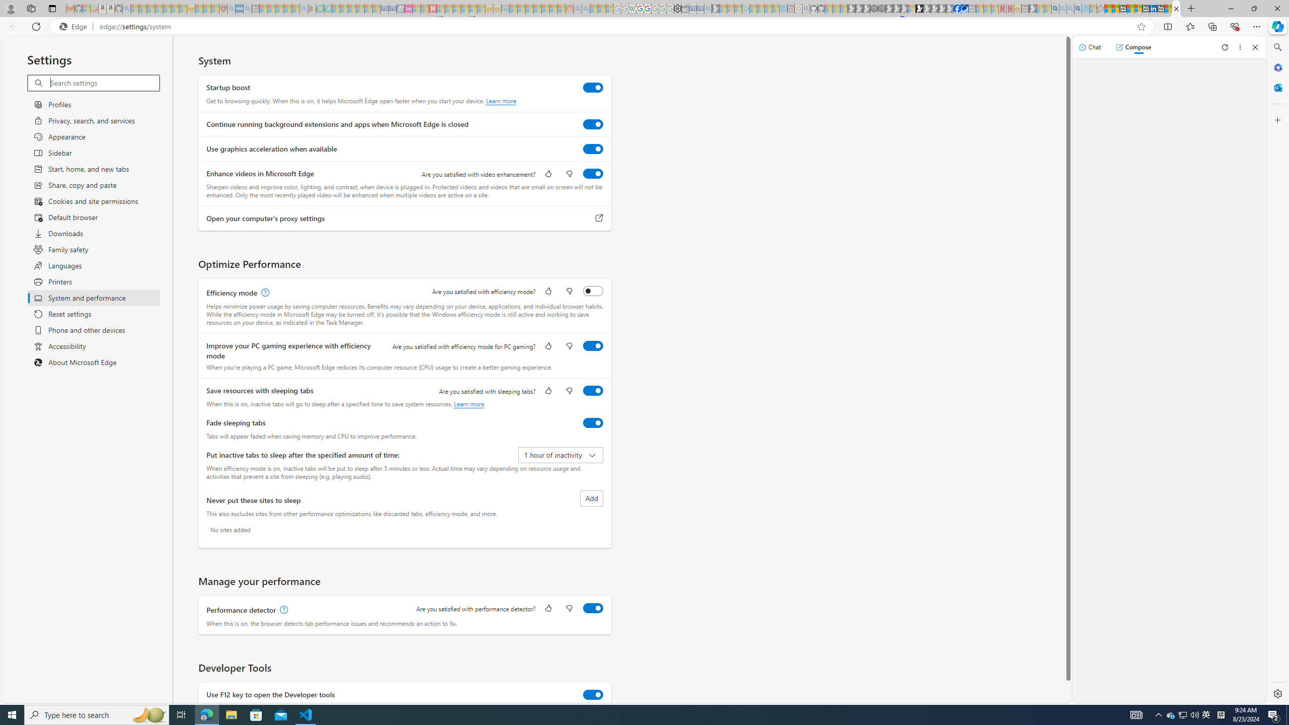 Image resolution: width=1289 pixels, height=725 pixels. What do you see at coordinates (263, 293) in the screenshot?
I see `'Efficiency mode, learn more'` at bounding box center [263, 293].